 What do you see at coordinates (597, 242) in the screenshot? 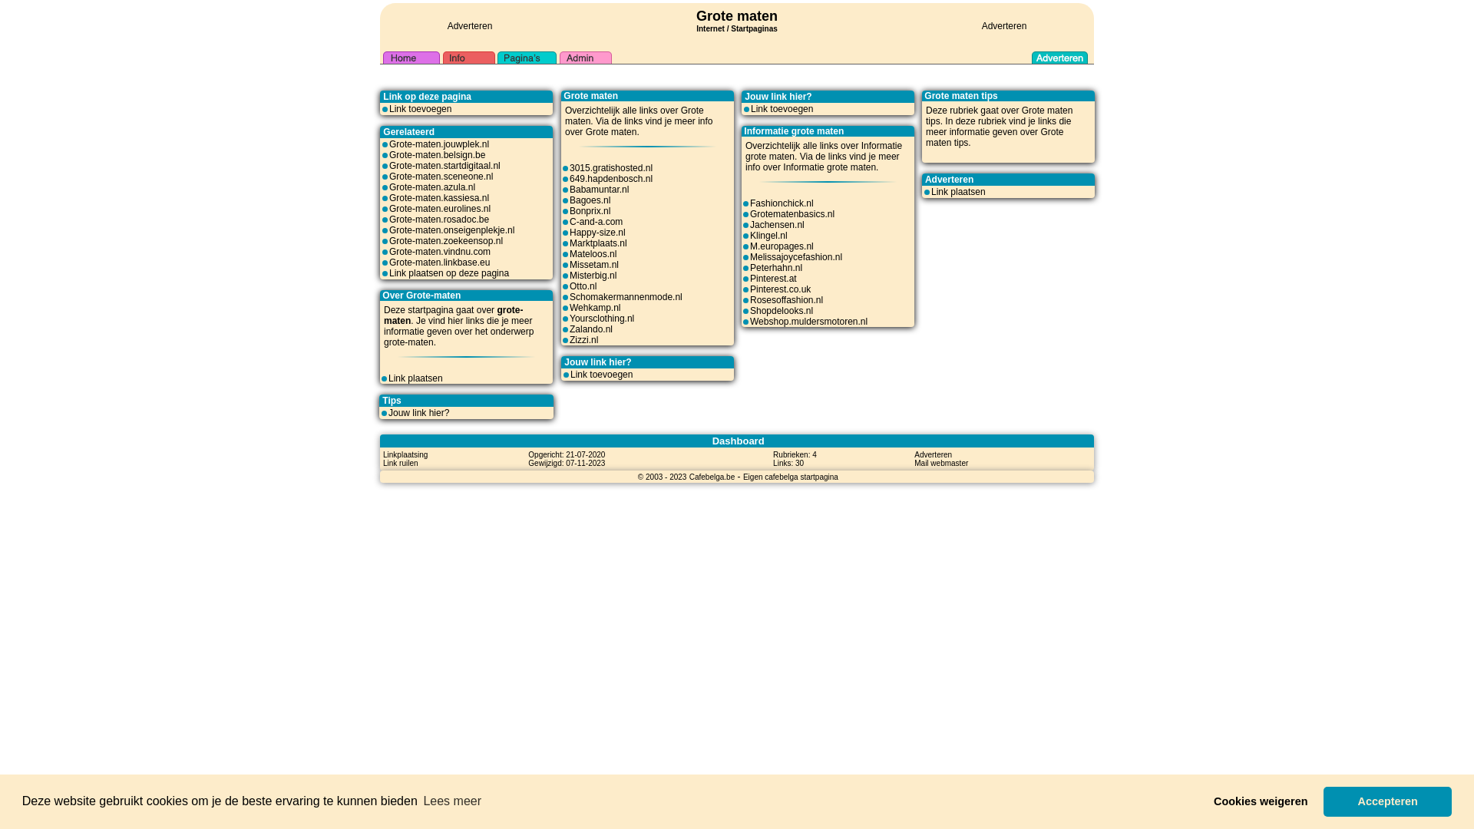
I see `'Marktplaats.nl'` at bounding box center [597, 242].